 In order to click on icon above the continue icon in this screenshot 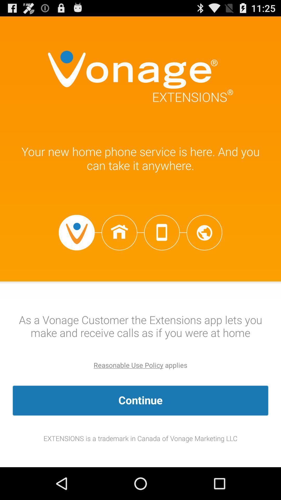, I will do `click(128, 365)`.